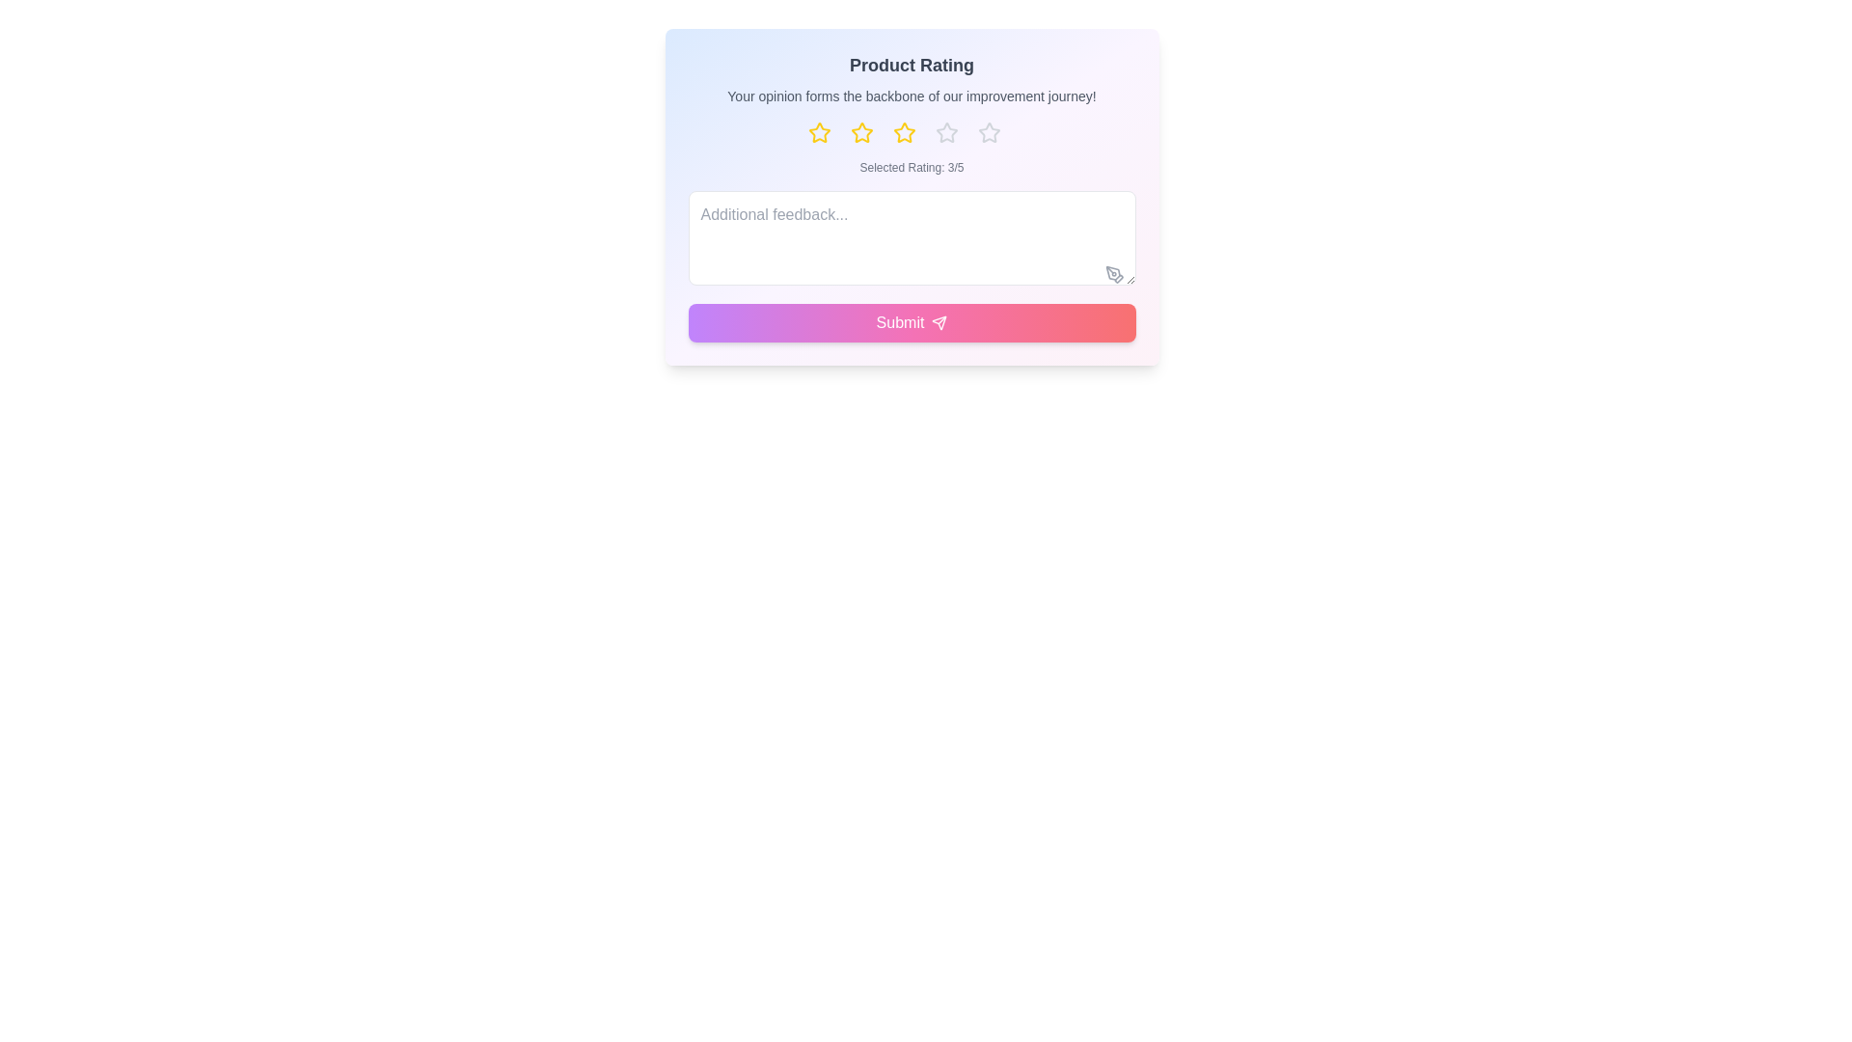  Describe the element at coordinates (868, 132) in the screenshot. I see `the star button to set the rating to 2` at that location.